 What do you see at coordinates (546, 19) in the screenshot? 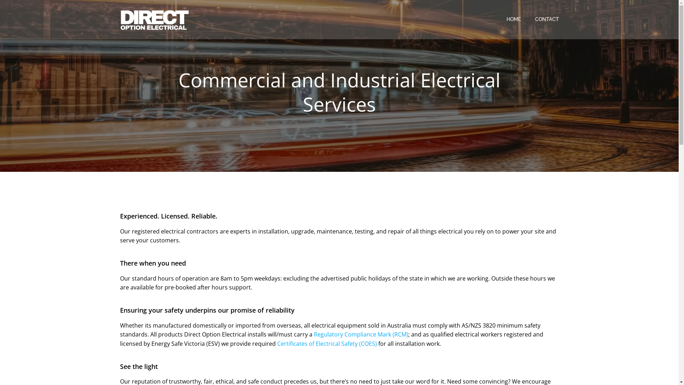
I see `'CONTACT'` at bounding box center [546, 19].